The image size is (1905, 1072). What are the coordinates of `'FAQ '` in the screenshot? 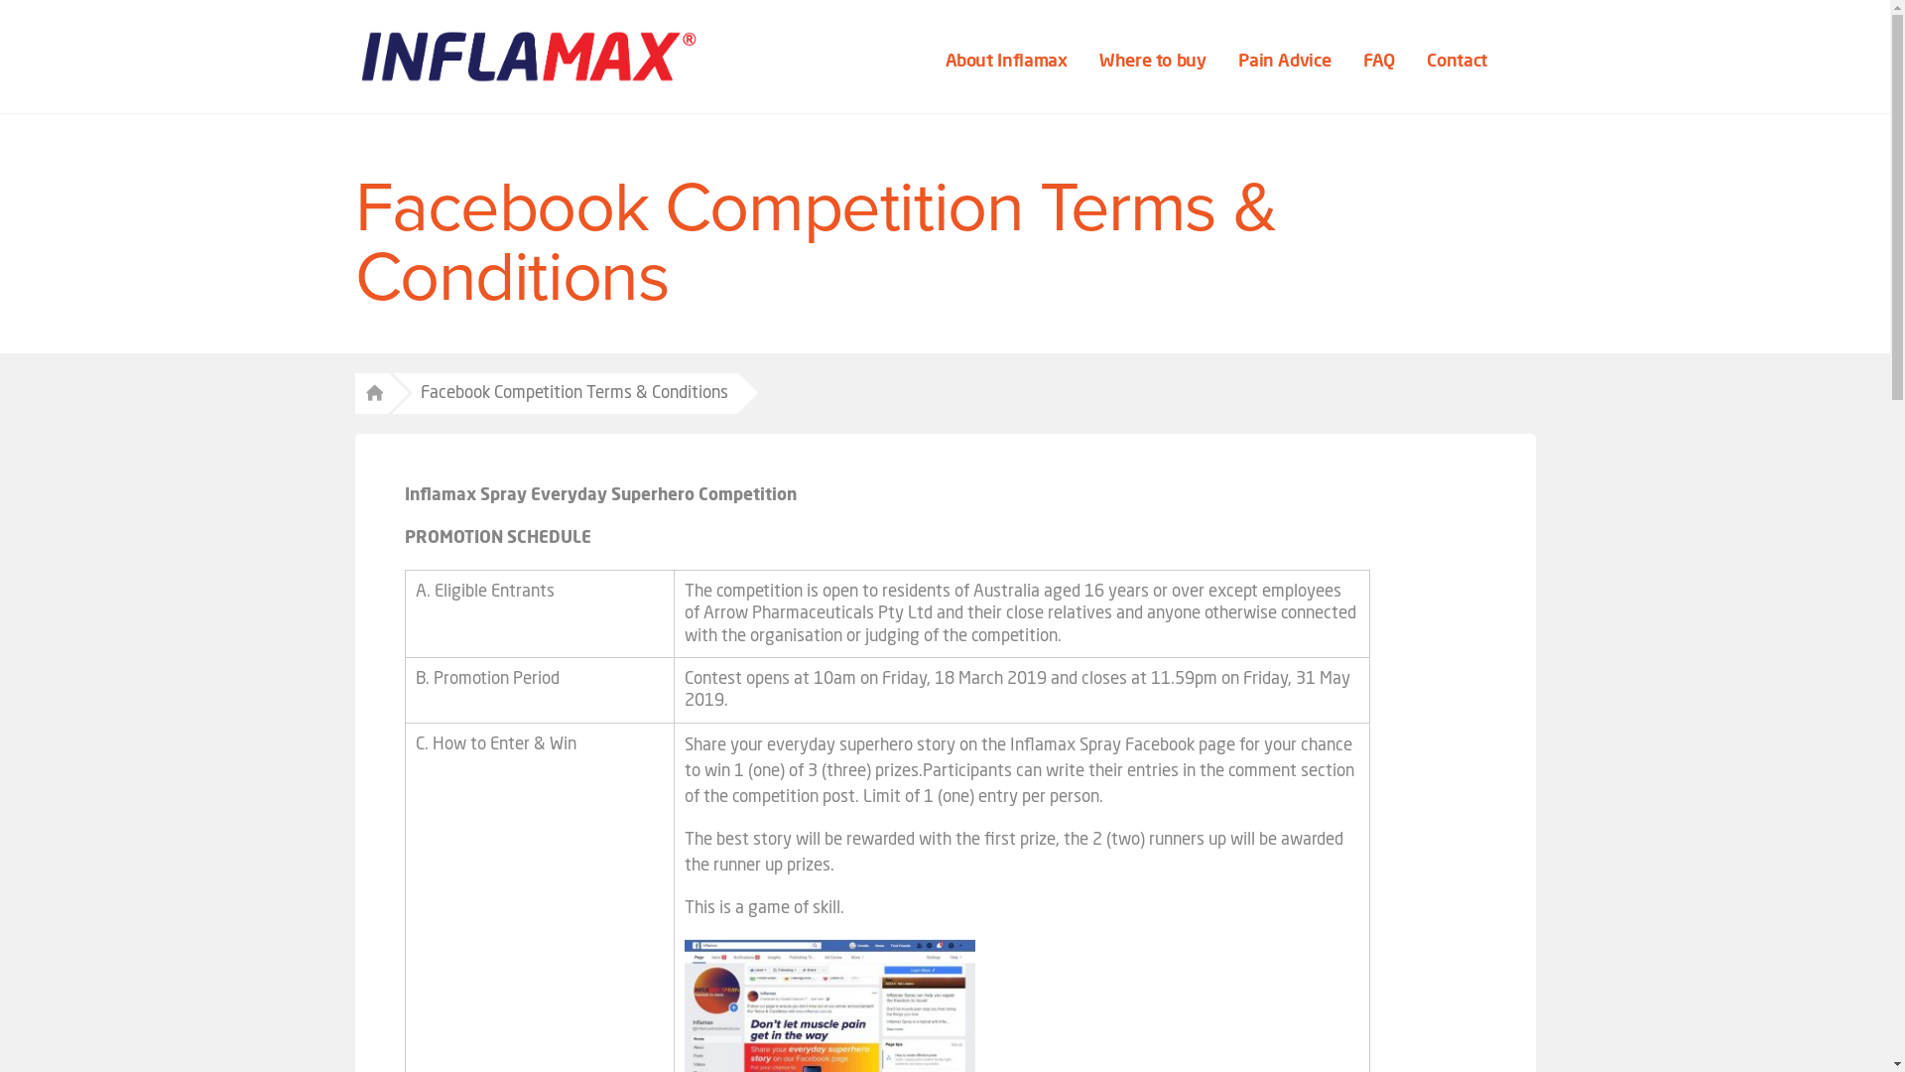 It's located at (1380, 60).